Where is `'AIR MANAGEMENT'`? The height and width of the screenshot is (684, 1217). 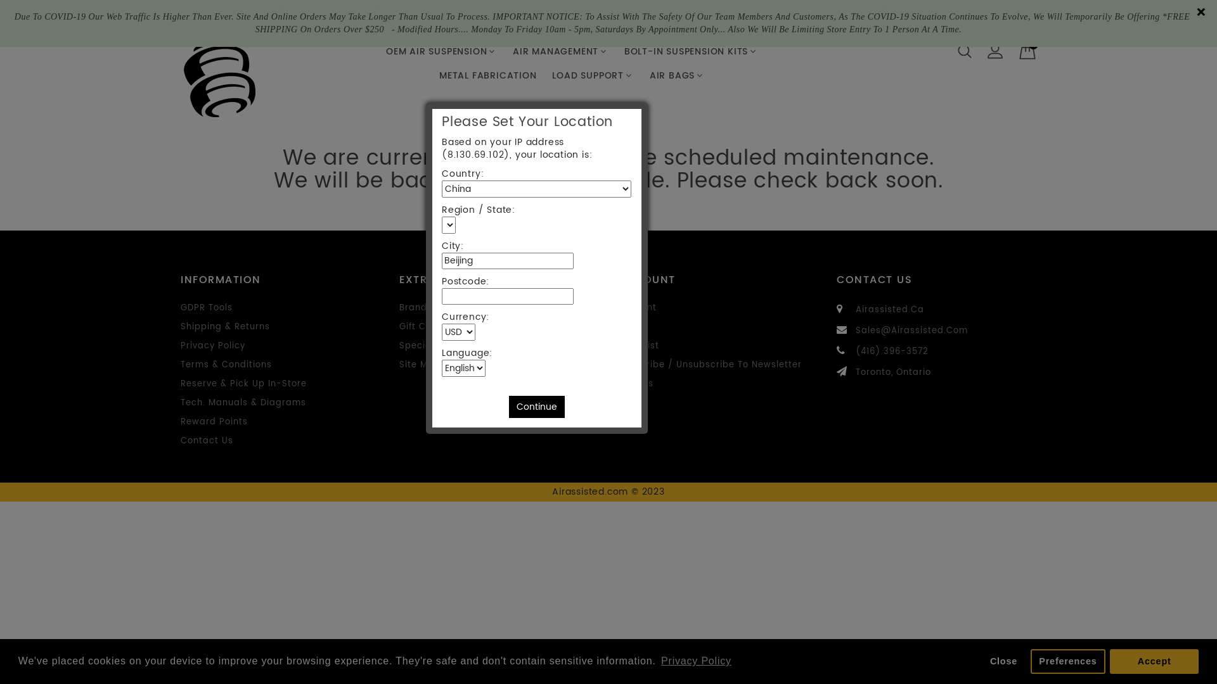
'AIR MANAGEMENT' is located at coordinates (560, 51).